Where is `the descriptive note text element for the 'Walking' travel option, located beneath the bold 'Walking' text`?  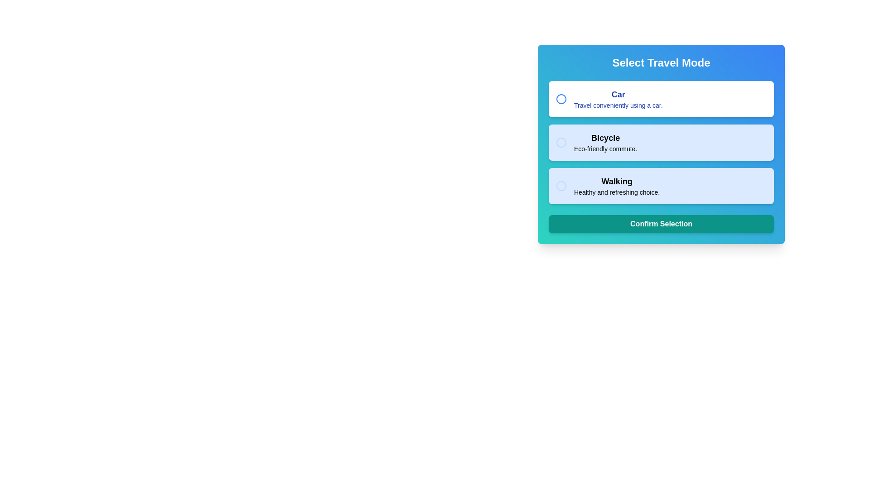
the descriptive note text element for the 'Walking' travel option, located beneath the bold 'Walking' text is located at coordinates (616, 192).